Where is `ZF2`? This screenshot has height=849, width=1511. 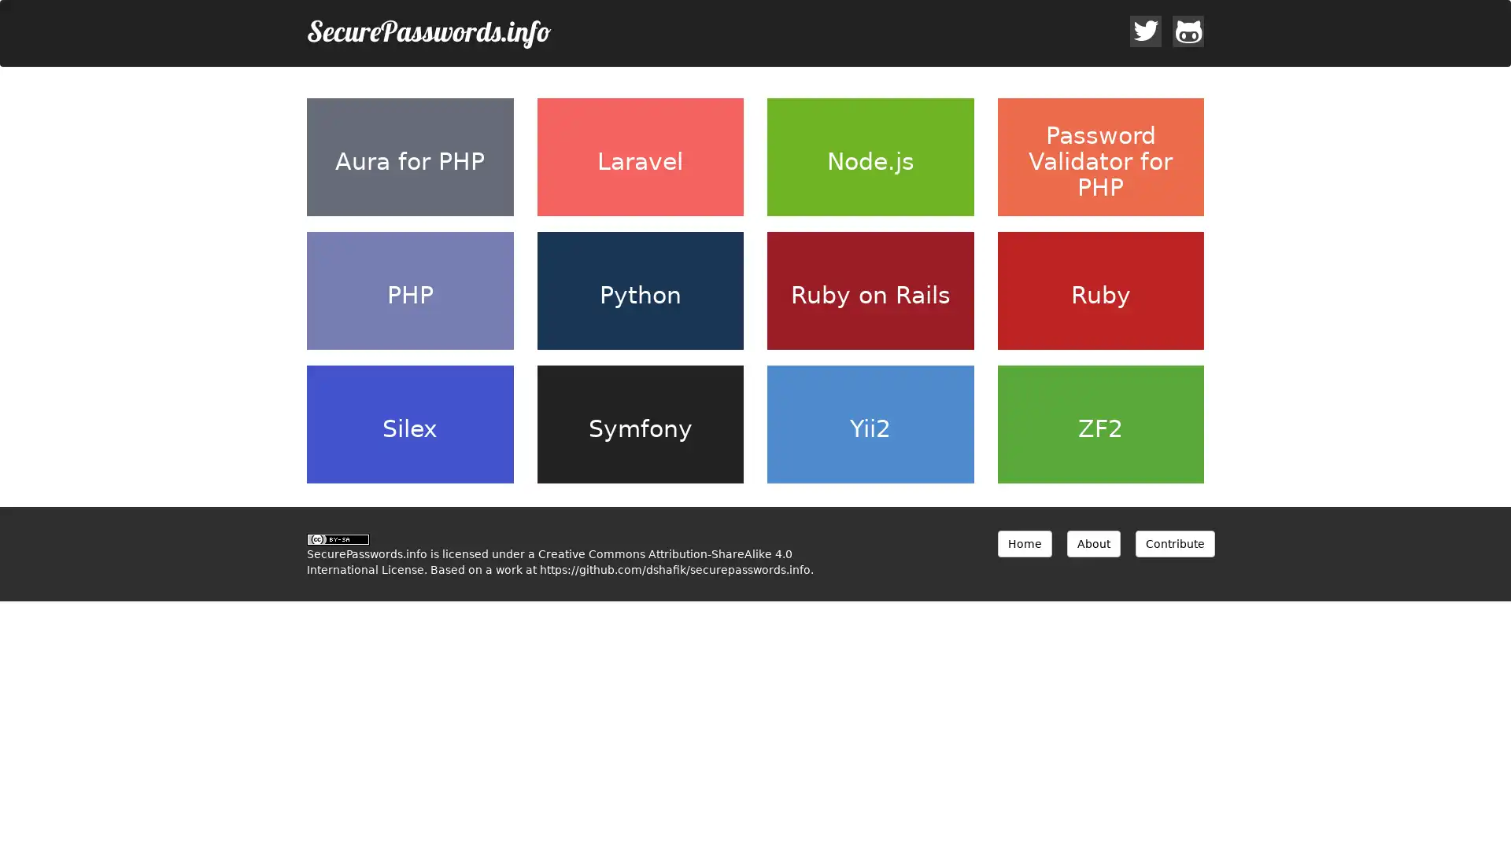
ZF2 is located at coordinates (1099, 424).